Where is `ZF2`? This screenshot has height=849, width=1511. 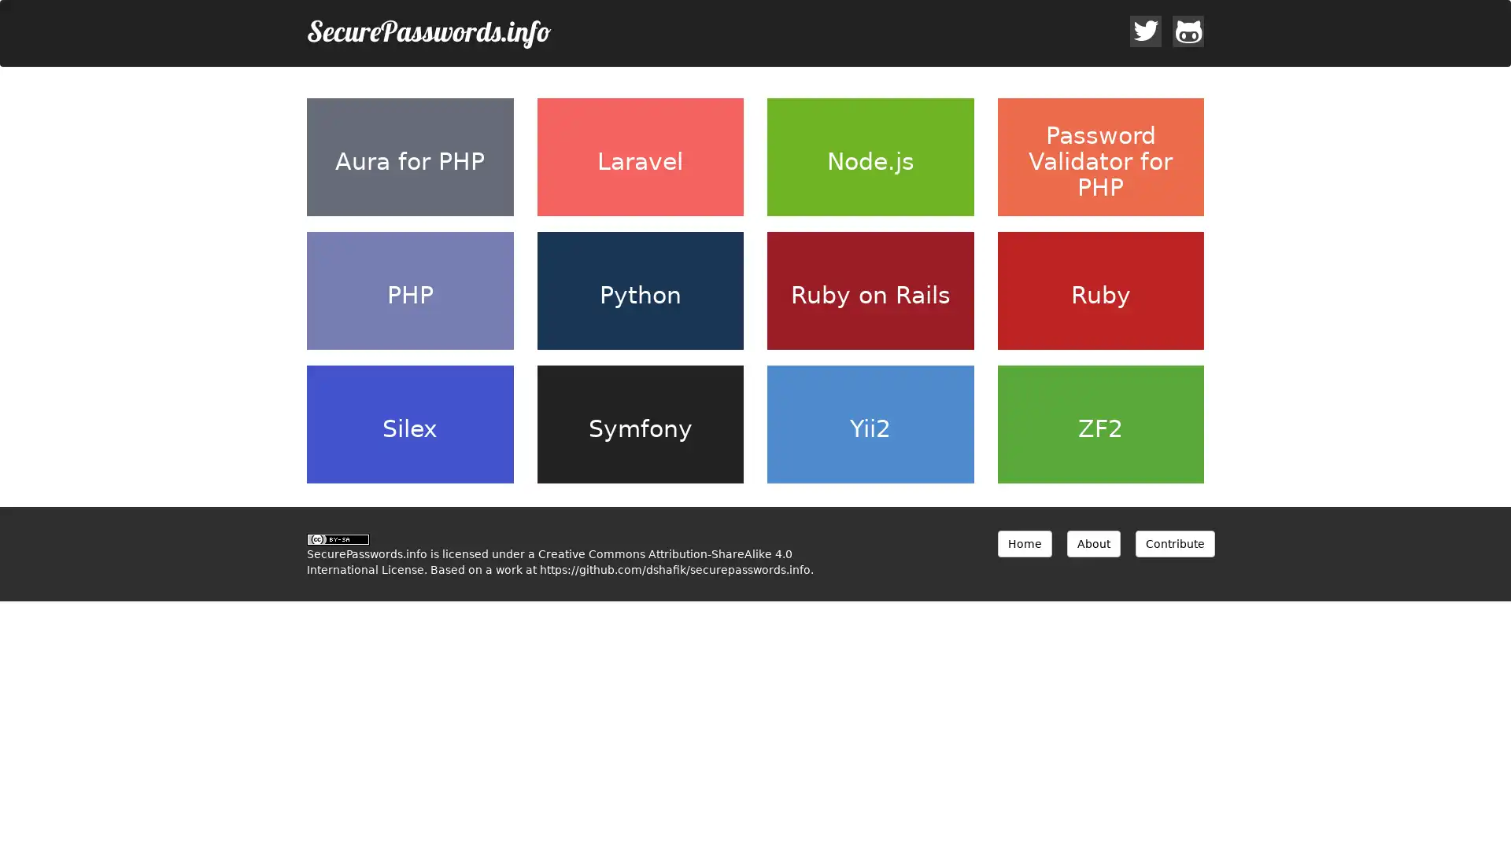
ZF2 is located at coordinates (1099, 424).